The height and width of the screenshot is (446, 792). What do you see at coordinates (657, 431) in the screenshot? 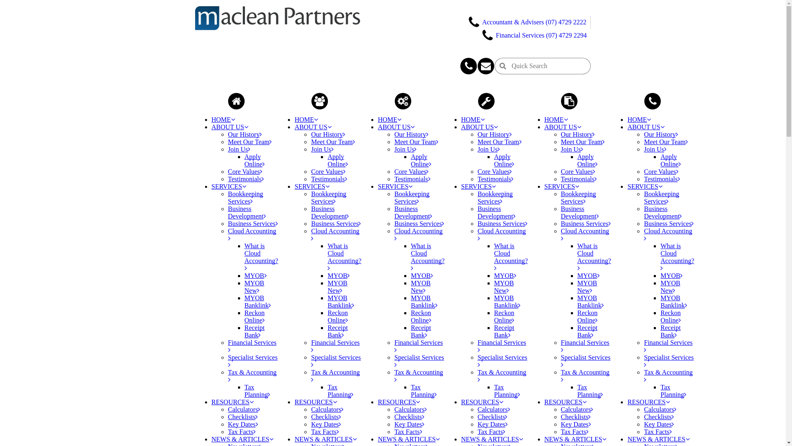
I see `'Tax Facts'` at bounding box center [657, 431].